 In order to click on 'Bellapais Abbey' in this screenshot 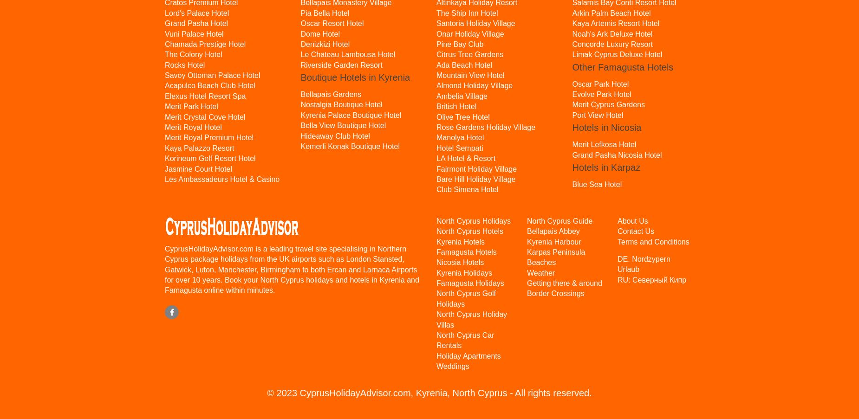, I will do `click(553, 231)`.